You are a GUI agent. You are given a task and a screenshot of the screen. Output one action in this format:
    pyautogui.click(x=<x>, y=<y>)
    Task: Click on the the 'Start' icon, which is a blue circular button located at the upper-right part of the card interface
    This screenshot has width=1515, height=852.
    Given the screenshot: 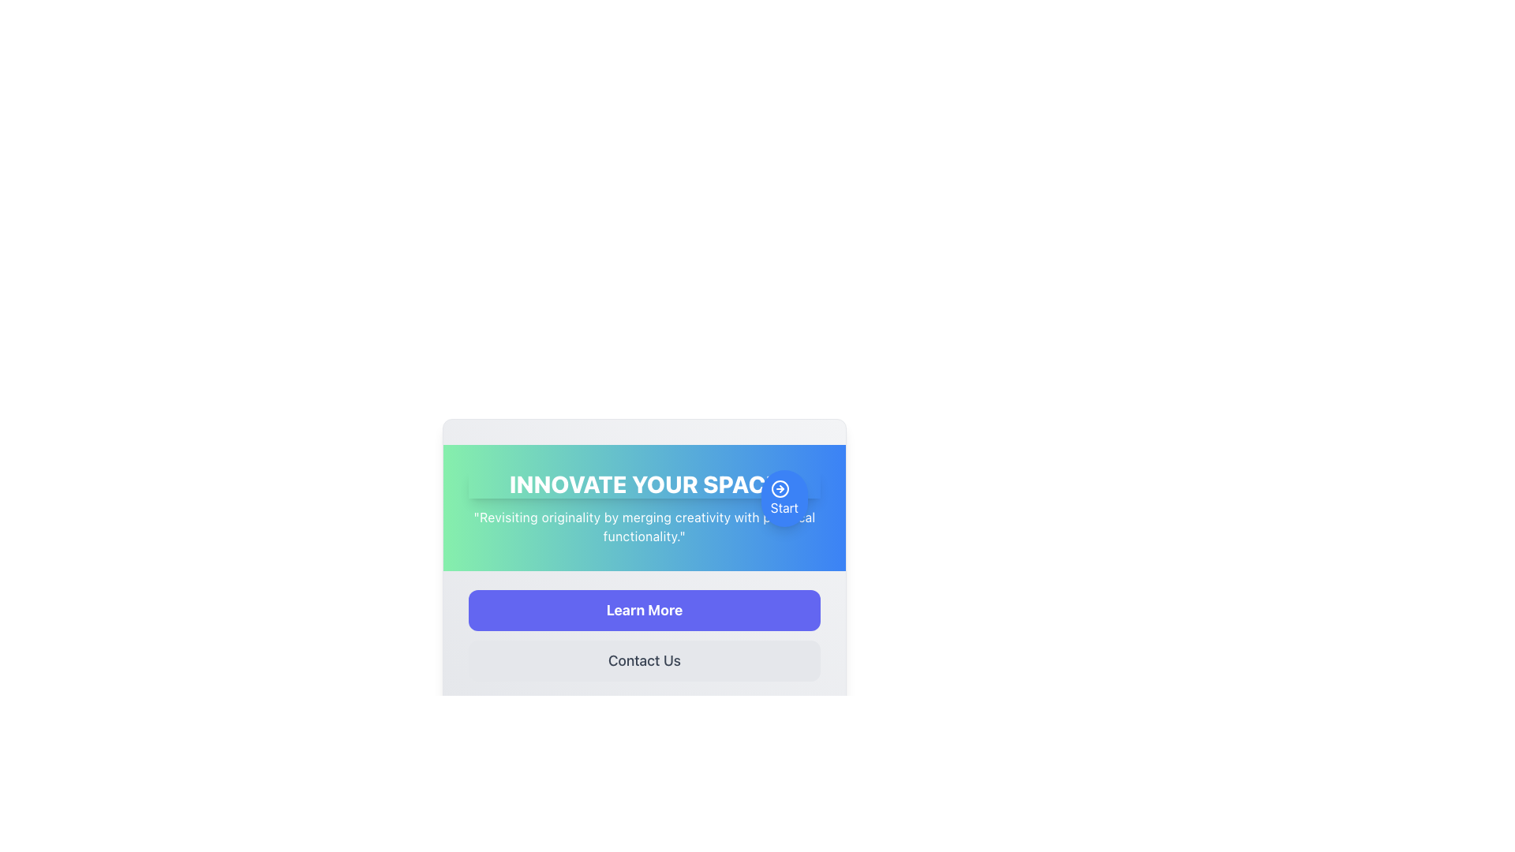 What is the action you would take?
    pyautogui.click(x=780, y=488)
    